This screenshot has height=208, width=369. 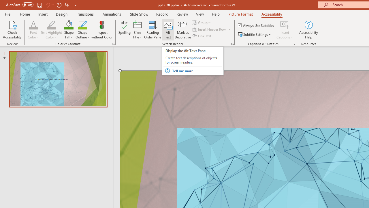 What do you see at coordinates (182, 30) in the screenshot?
I see `'Mark as Decorative'` at bounding box center [182, 30].